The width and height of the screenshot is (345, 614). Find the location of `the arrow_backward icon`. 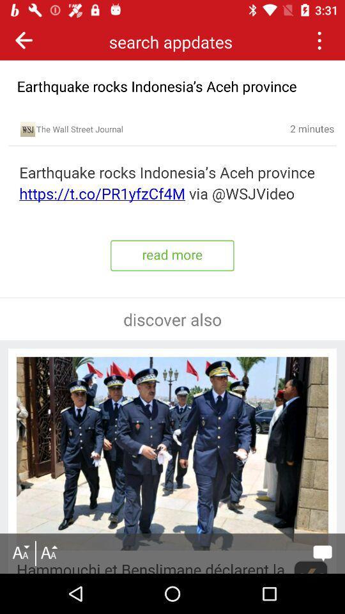

the arrow_backward icon is located at coordinates (24, 40).